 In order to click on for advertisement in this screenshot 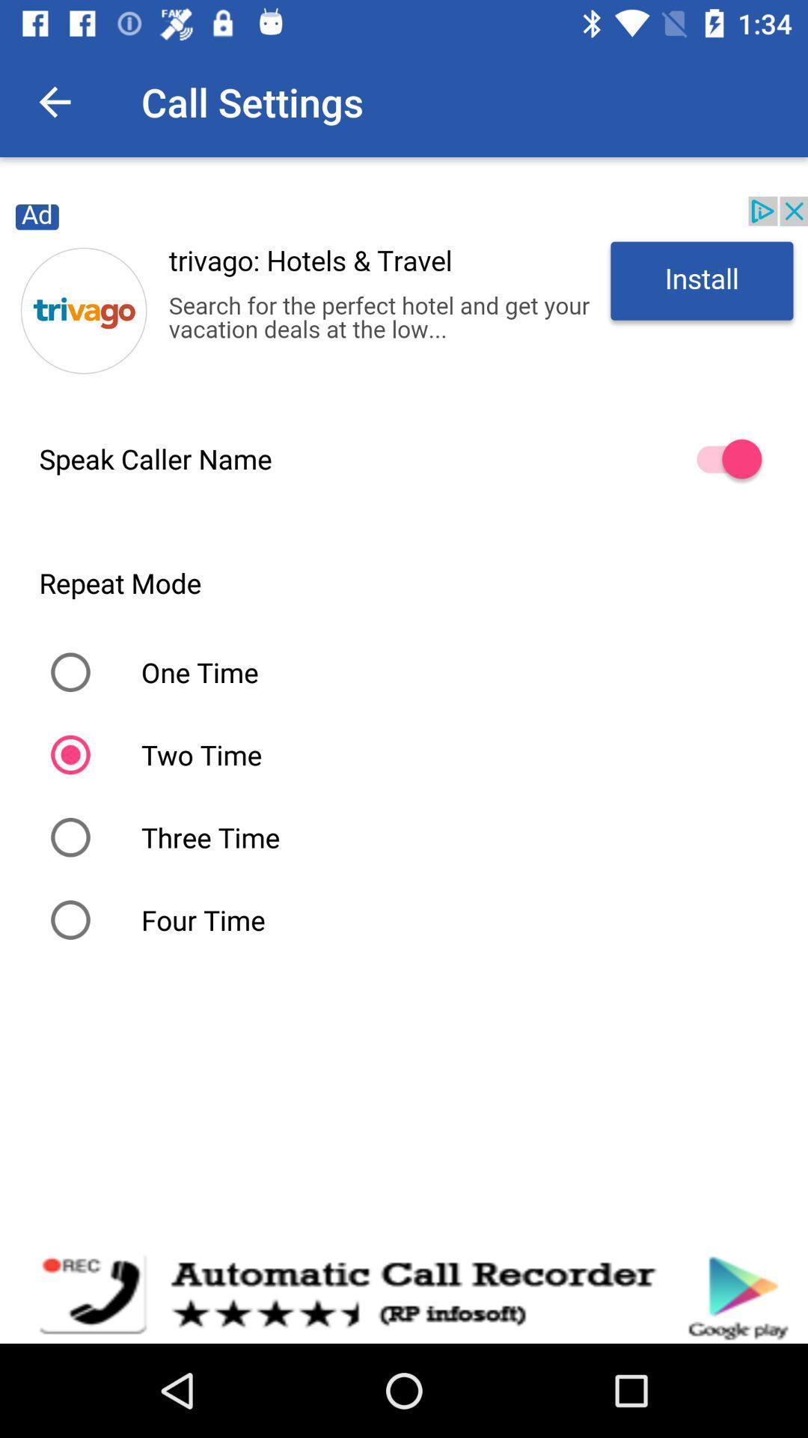, I will do `click(404, 294)`.